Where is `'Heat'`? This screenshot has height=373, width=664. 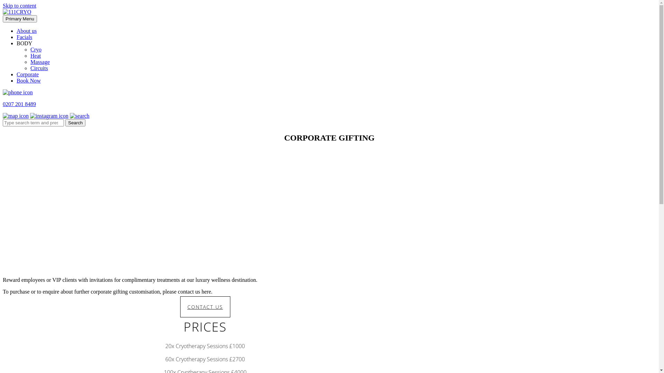
'Heat' is located at coordinates (30, 55).